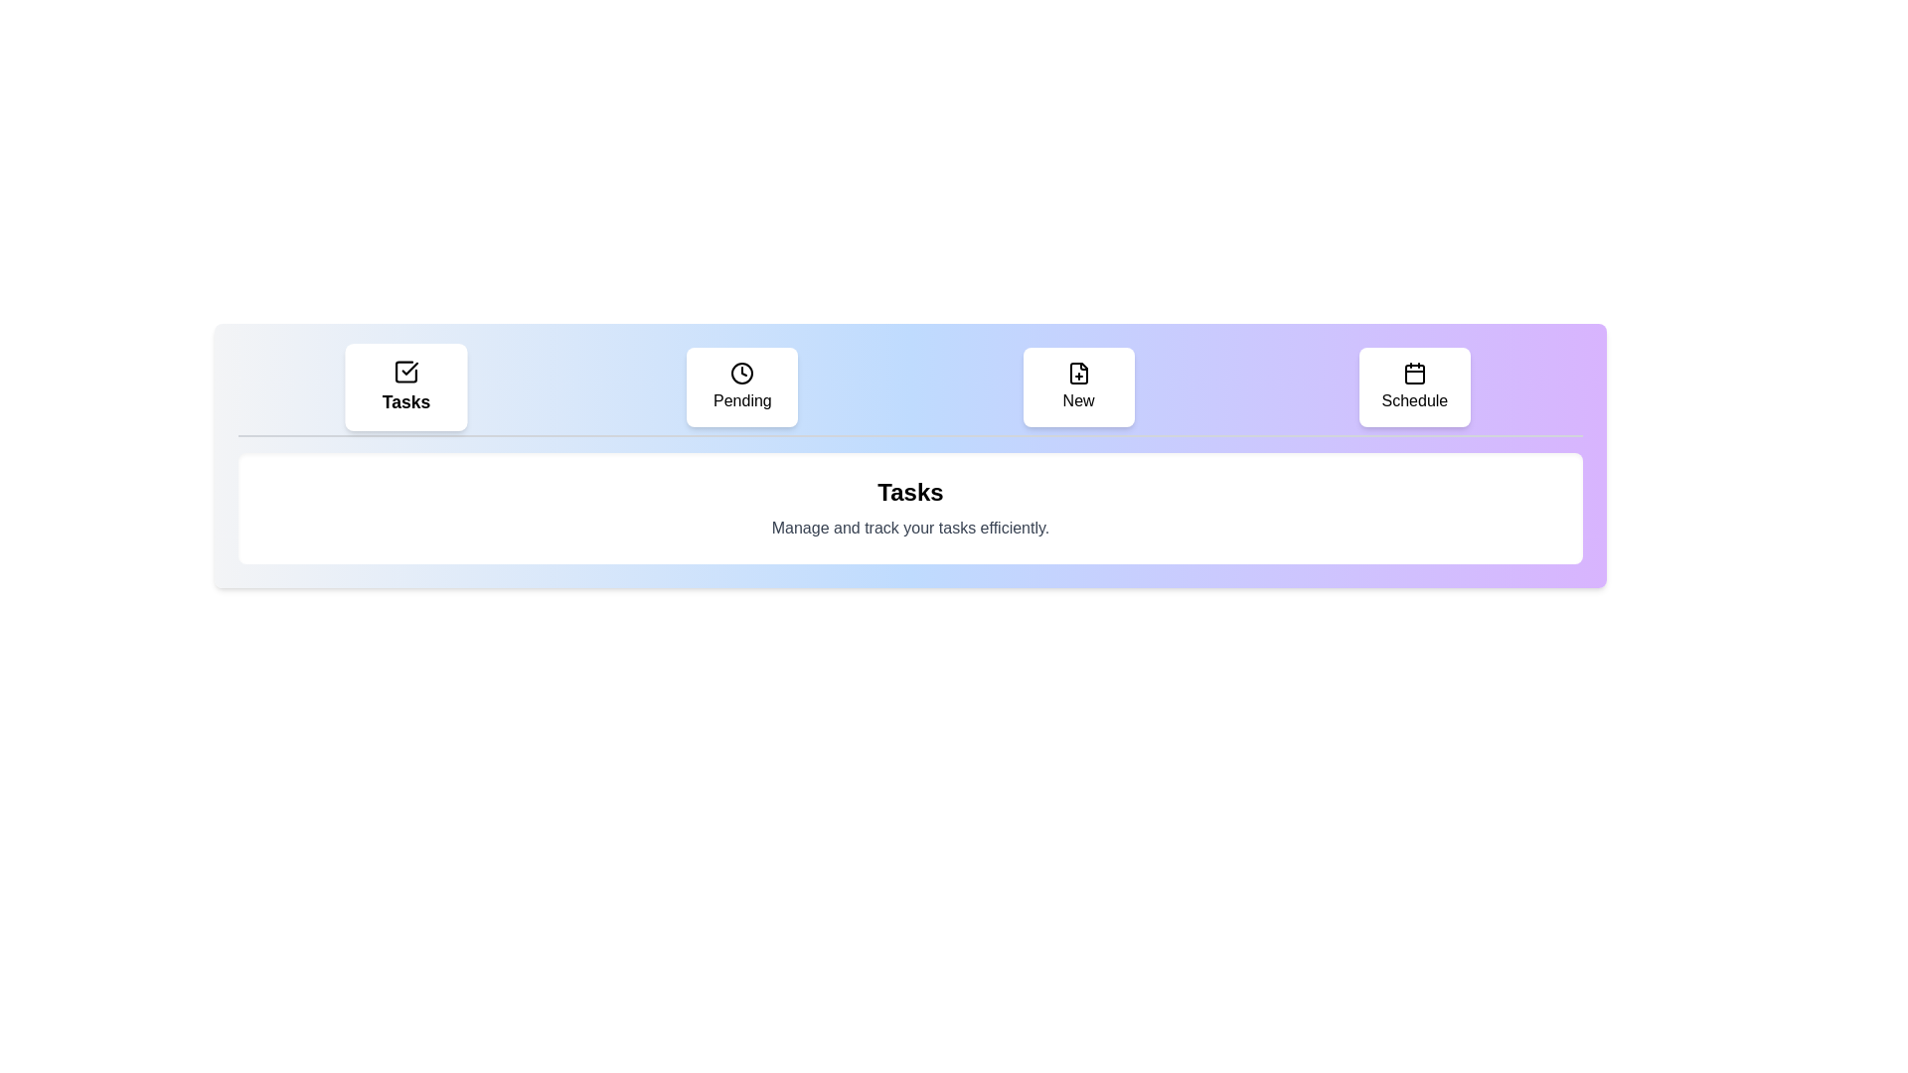  Describe the element at coordinates (1077, 386) in the screenshot. I see `the tab labeled 'New' to view its content` at that location.